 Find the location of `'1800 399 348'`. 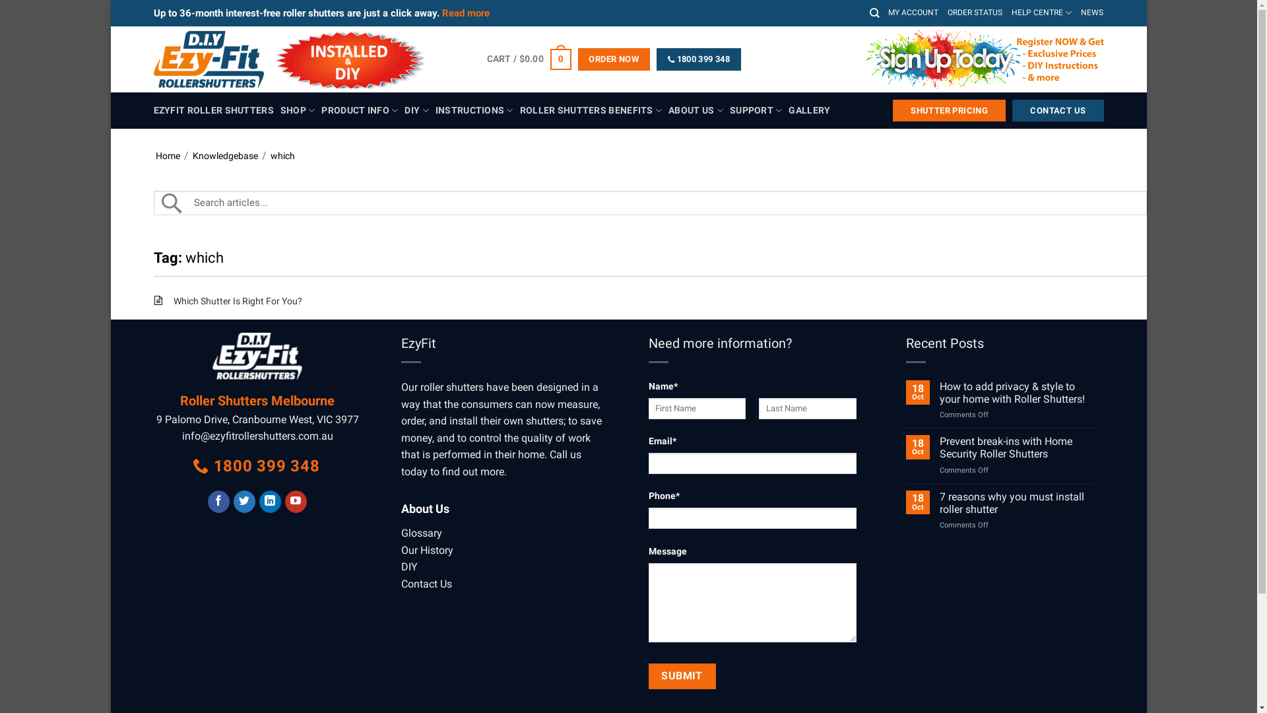

'1800 399 348' is located at coordinates (257, 465).